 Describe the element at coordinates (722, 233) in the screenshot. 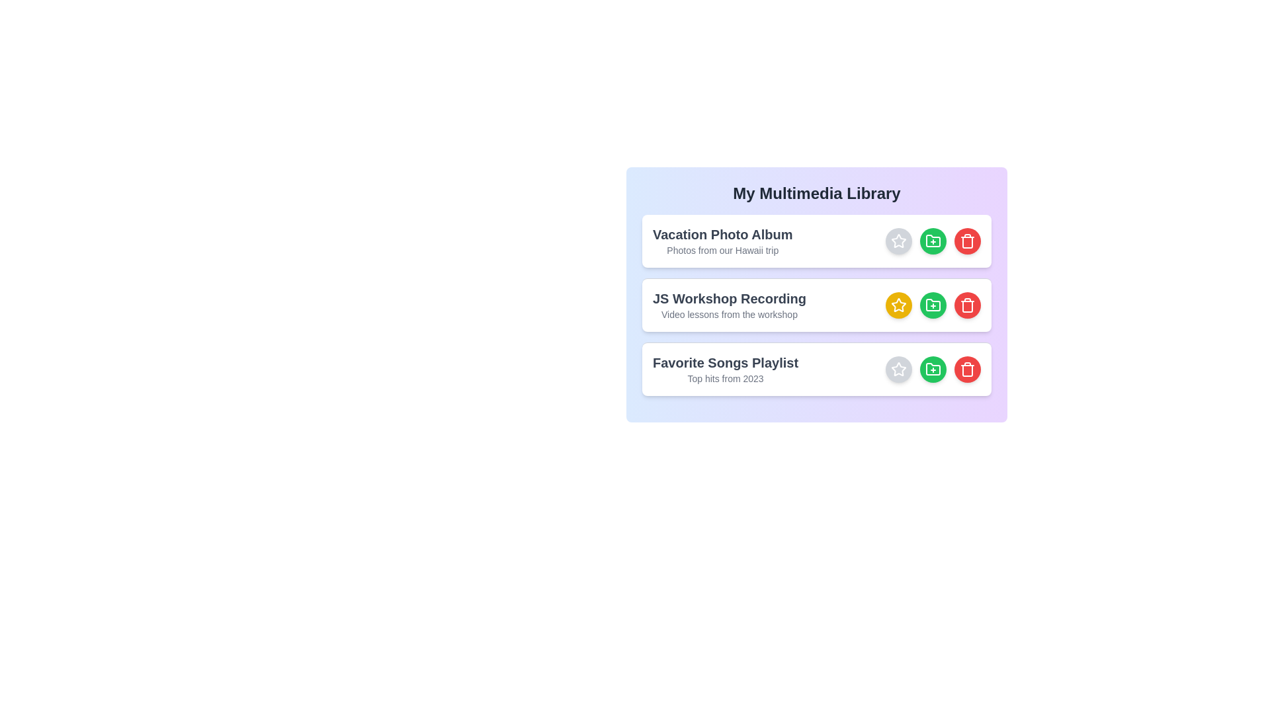

I see `the Text label that serves as a title for the photo album in the 'My Multimedia Library' section` at that location.